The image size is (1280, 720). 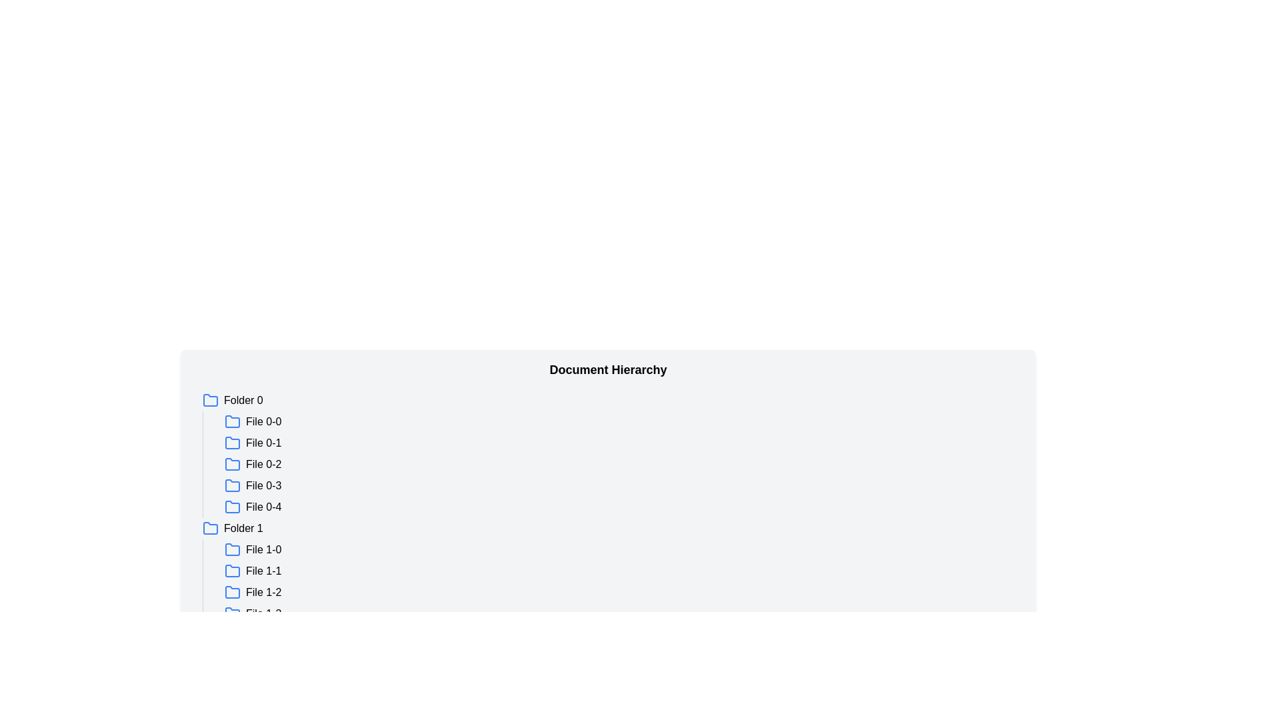 I want to click on the folder icon representing 'File 1-1', so click(x=233, y=570).